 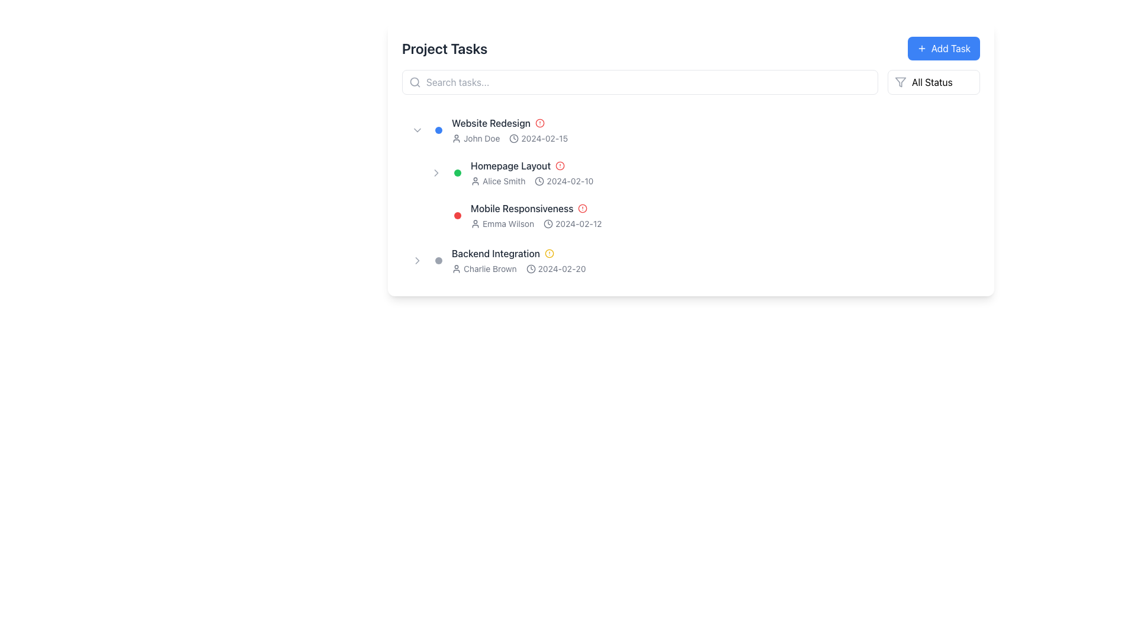 What do you see at coordinates (538, 138) in the screenshot?
I see `date display showing '2024-02-15' next to the clock icon, which is aligned horizontally in a subtle gray tone, located to the right of 'John Doe' under the 'Website Redesign' project task` at bounding box center [538, 138].